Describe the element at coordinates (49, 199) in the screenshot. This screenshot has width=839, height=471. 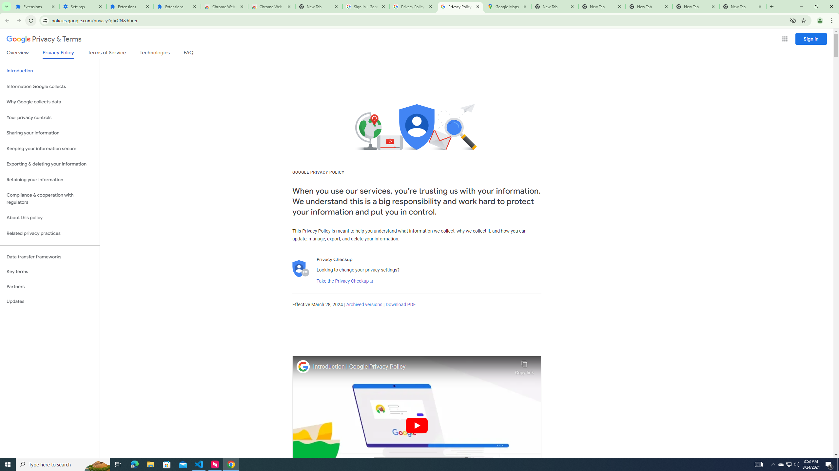
I see `'Compliance & cooperation with regulators'` at that location.